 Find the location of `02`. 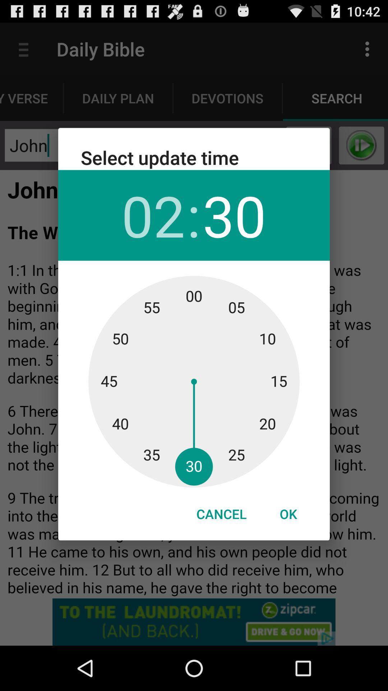

02 is located at coordinates (153, 215).